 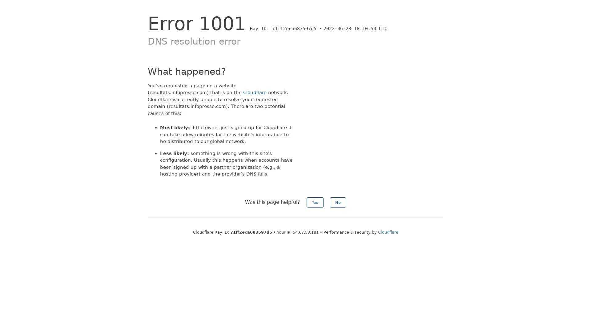 What do you see at coordinates (338, 202) in the screenshot?
I see `No` at bounding box center [338, 202].